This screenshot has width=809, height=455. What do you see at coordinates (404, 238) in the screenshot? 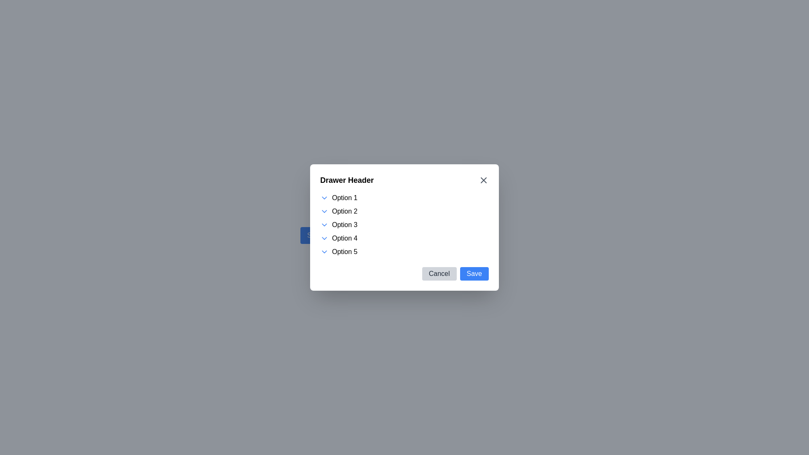
I see `the selectable list item labeled 'Option 4' to navigate through list items` at bounding box center [404, 238].